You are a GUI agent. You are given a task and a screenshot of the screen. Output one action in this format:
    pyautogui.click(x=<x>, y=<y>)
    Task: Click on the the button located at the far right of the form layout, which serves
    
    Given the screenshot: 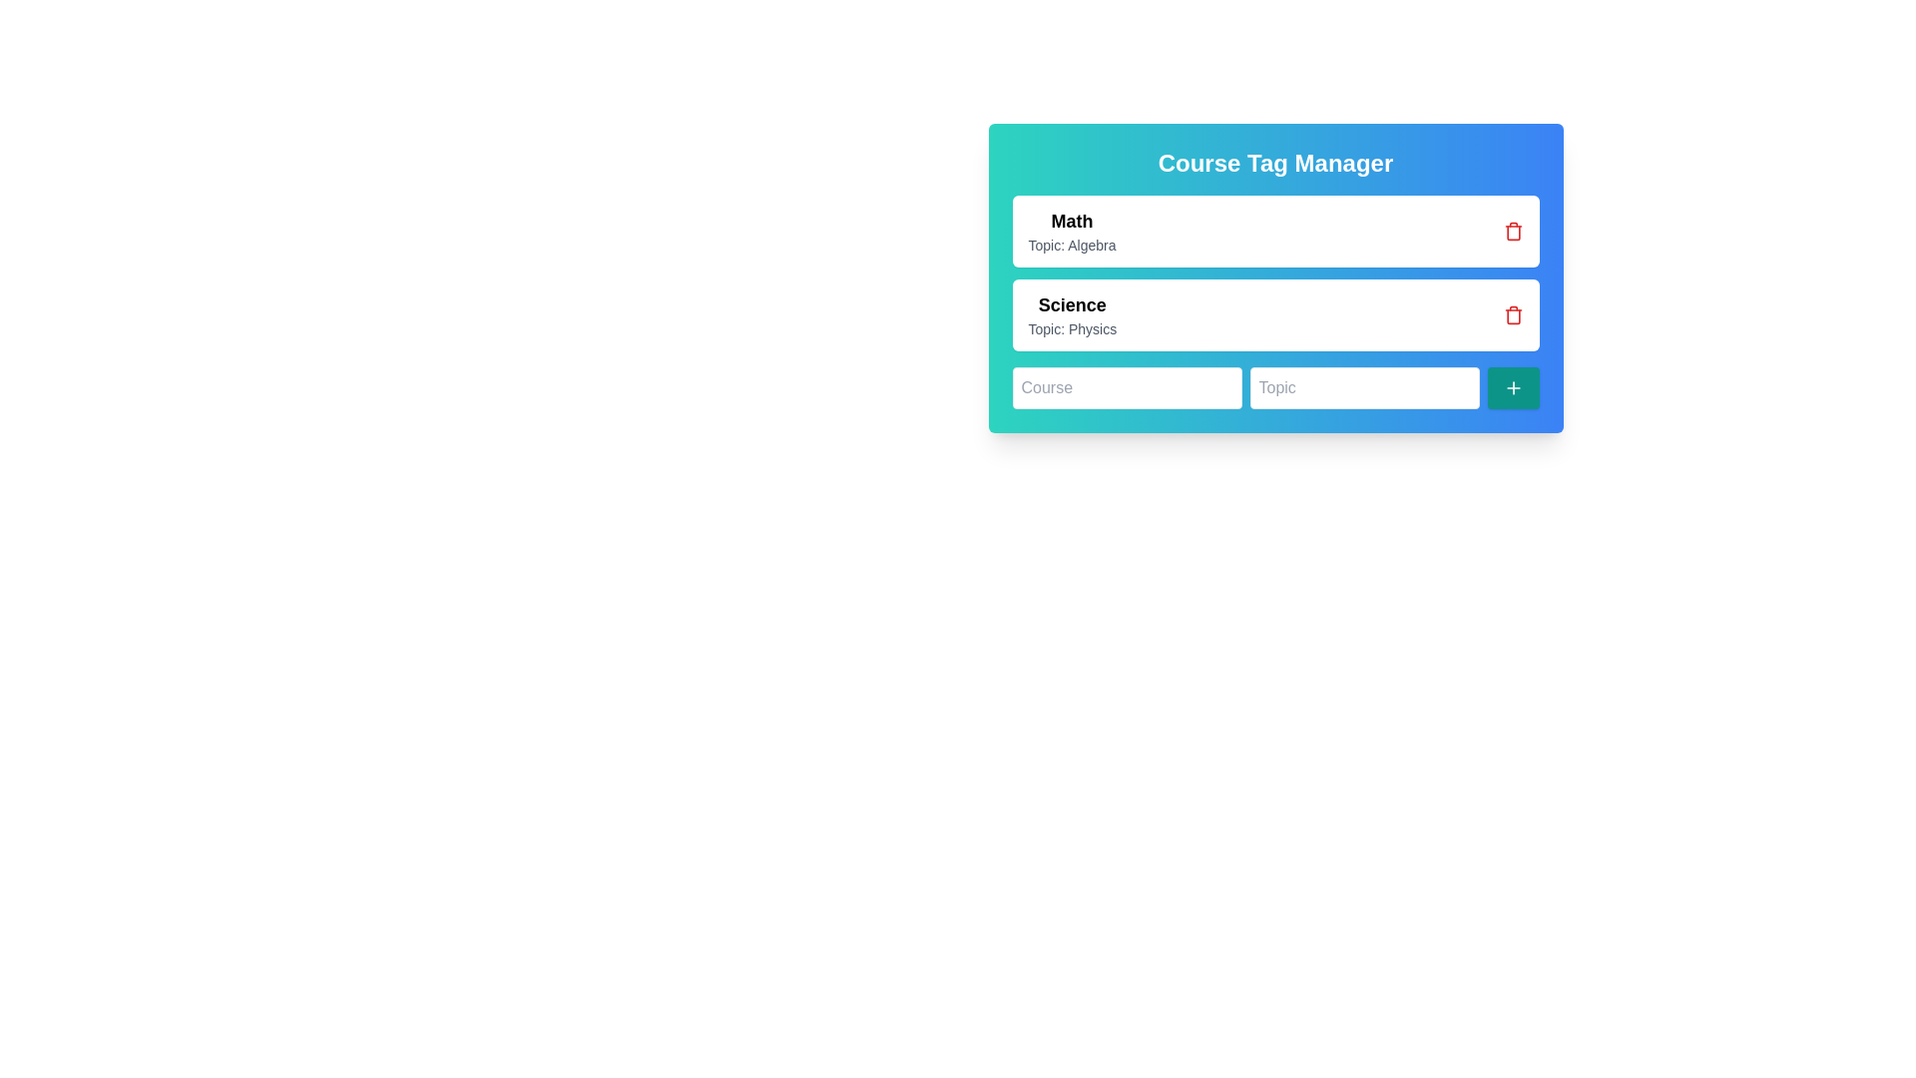 What is the action you would take?
    pyautogui.click(x=1513, y=388)
    